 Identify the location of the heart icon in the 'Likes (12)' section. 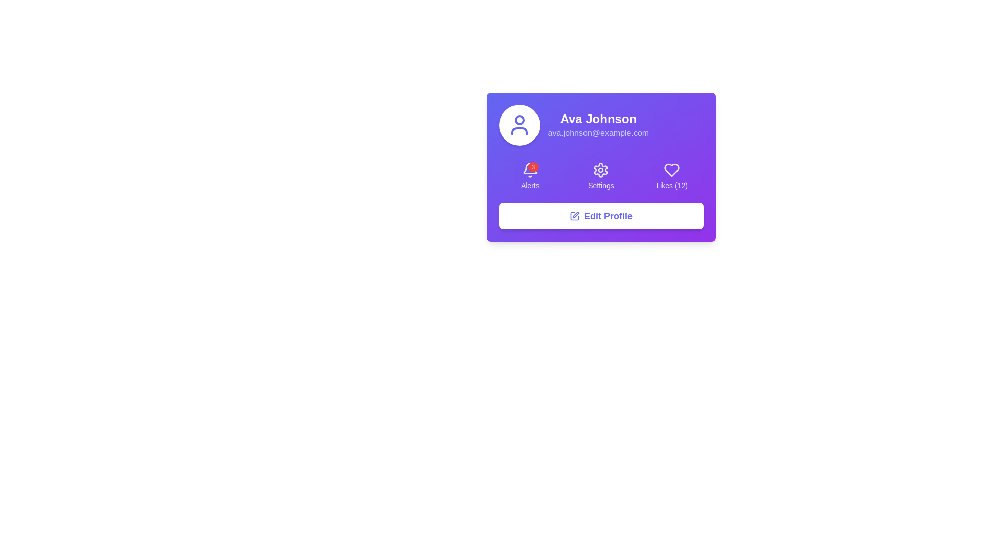
(672, 169).